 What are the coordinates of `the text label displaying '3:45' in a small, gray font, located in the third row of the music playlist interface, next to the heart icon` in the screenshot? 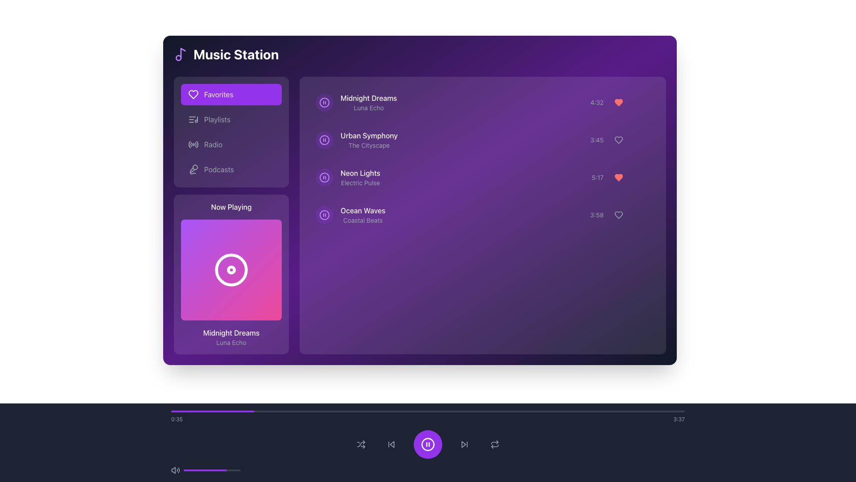 It's located at (597, 140).